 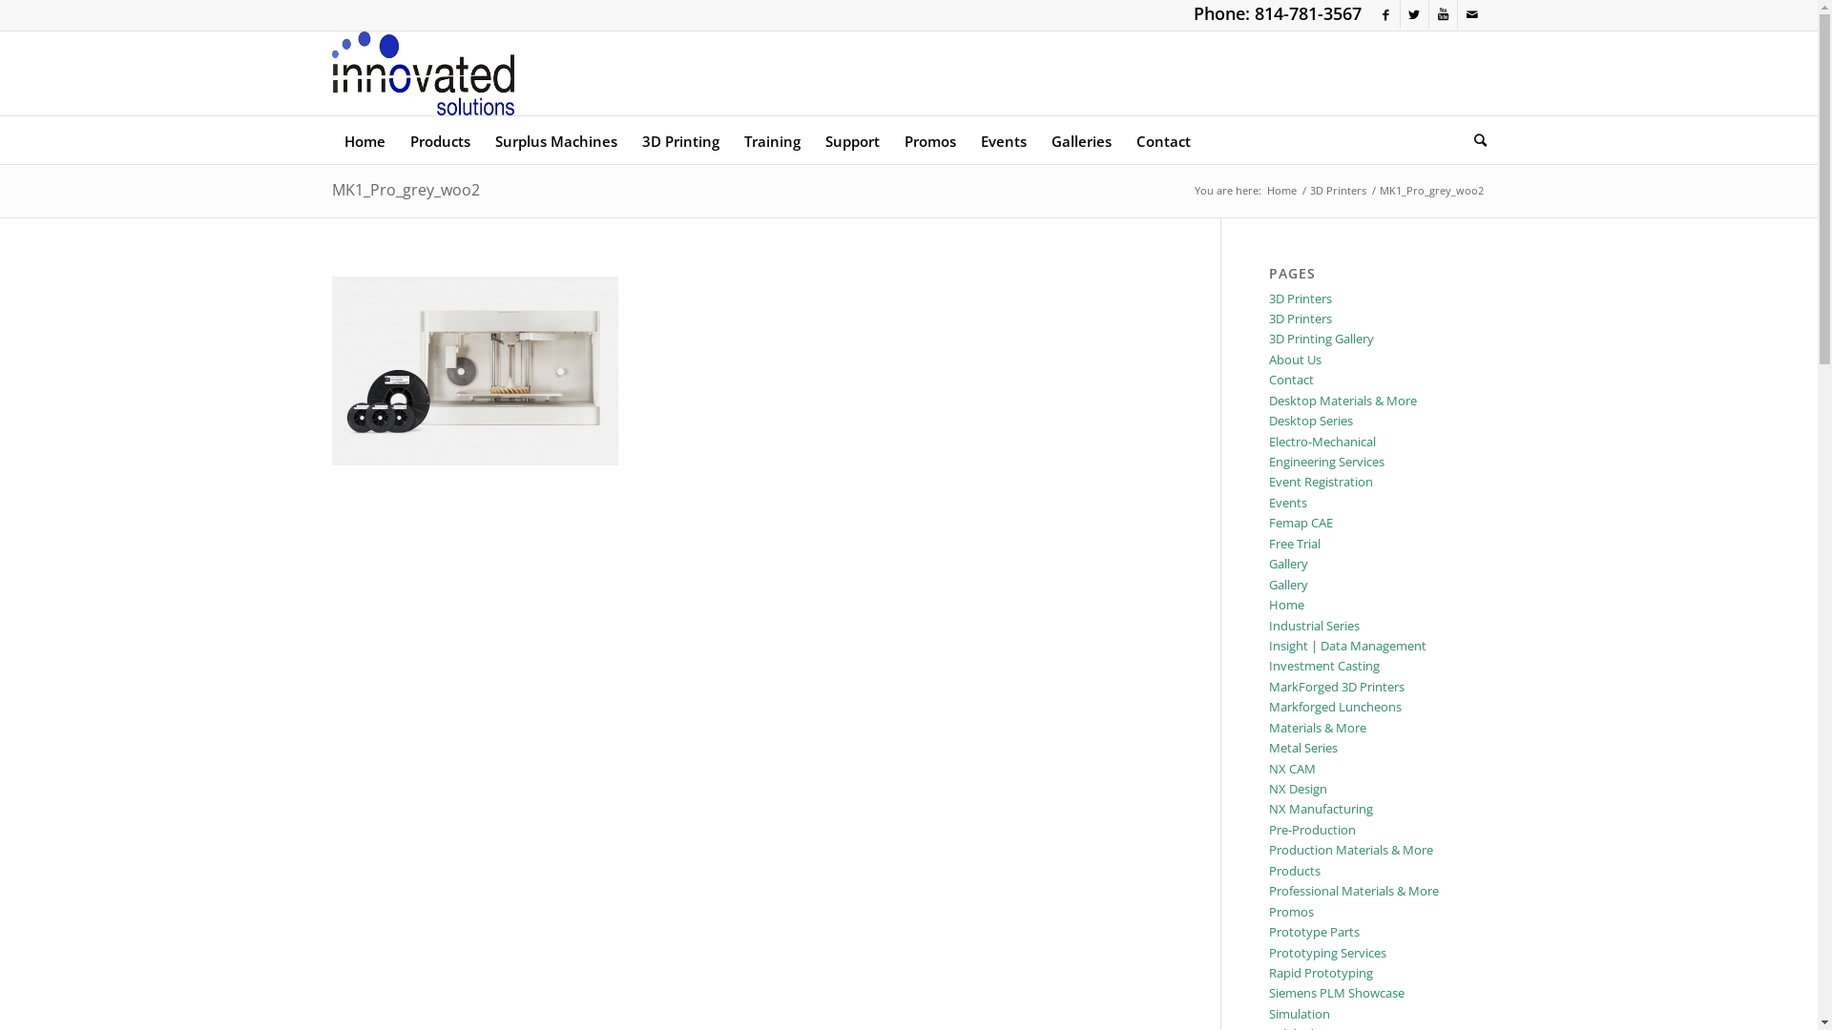 What do you see at coordinates (851, 138) in the screenshot?
I see `'Support'` at bounding box center [851, 138].